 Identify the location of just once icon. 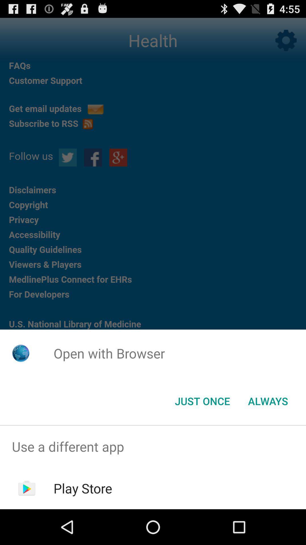
(202, 401).